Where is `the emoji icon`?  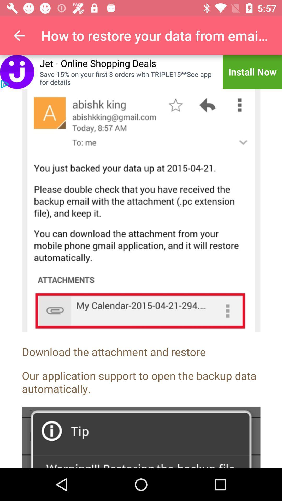
the emoji icon is located at coordinates (17, 71).